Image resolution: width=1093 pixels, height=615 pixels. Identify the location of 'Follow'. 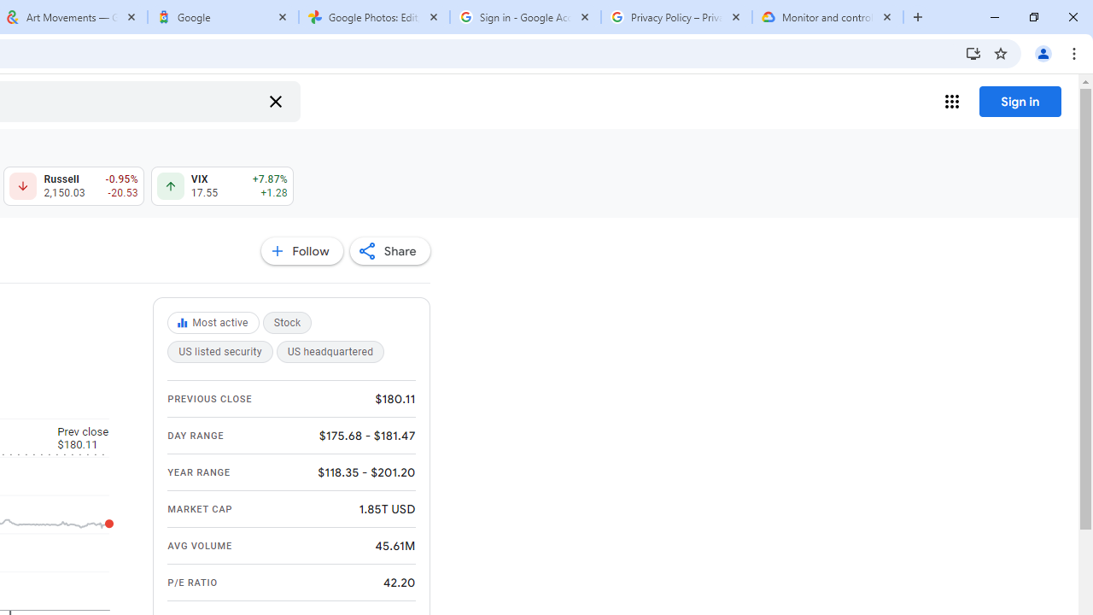
(301, 251).